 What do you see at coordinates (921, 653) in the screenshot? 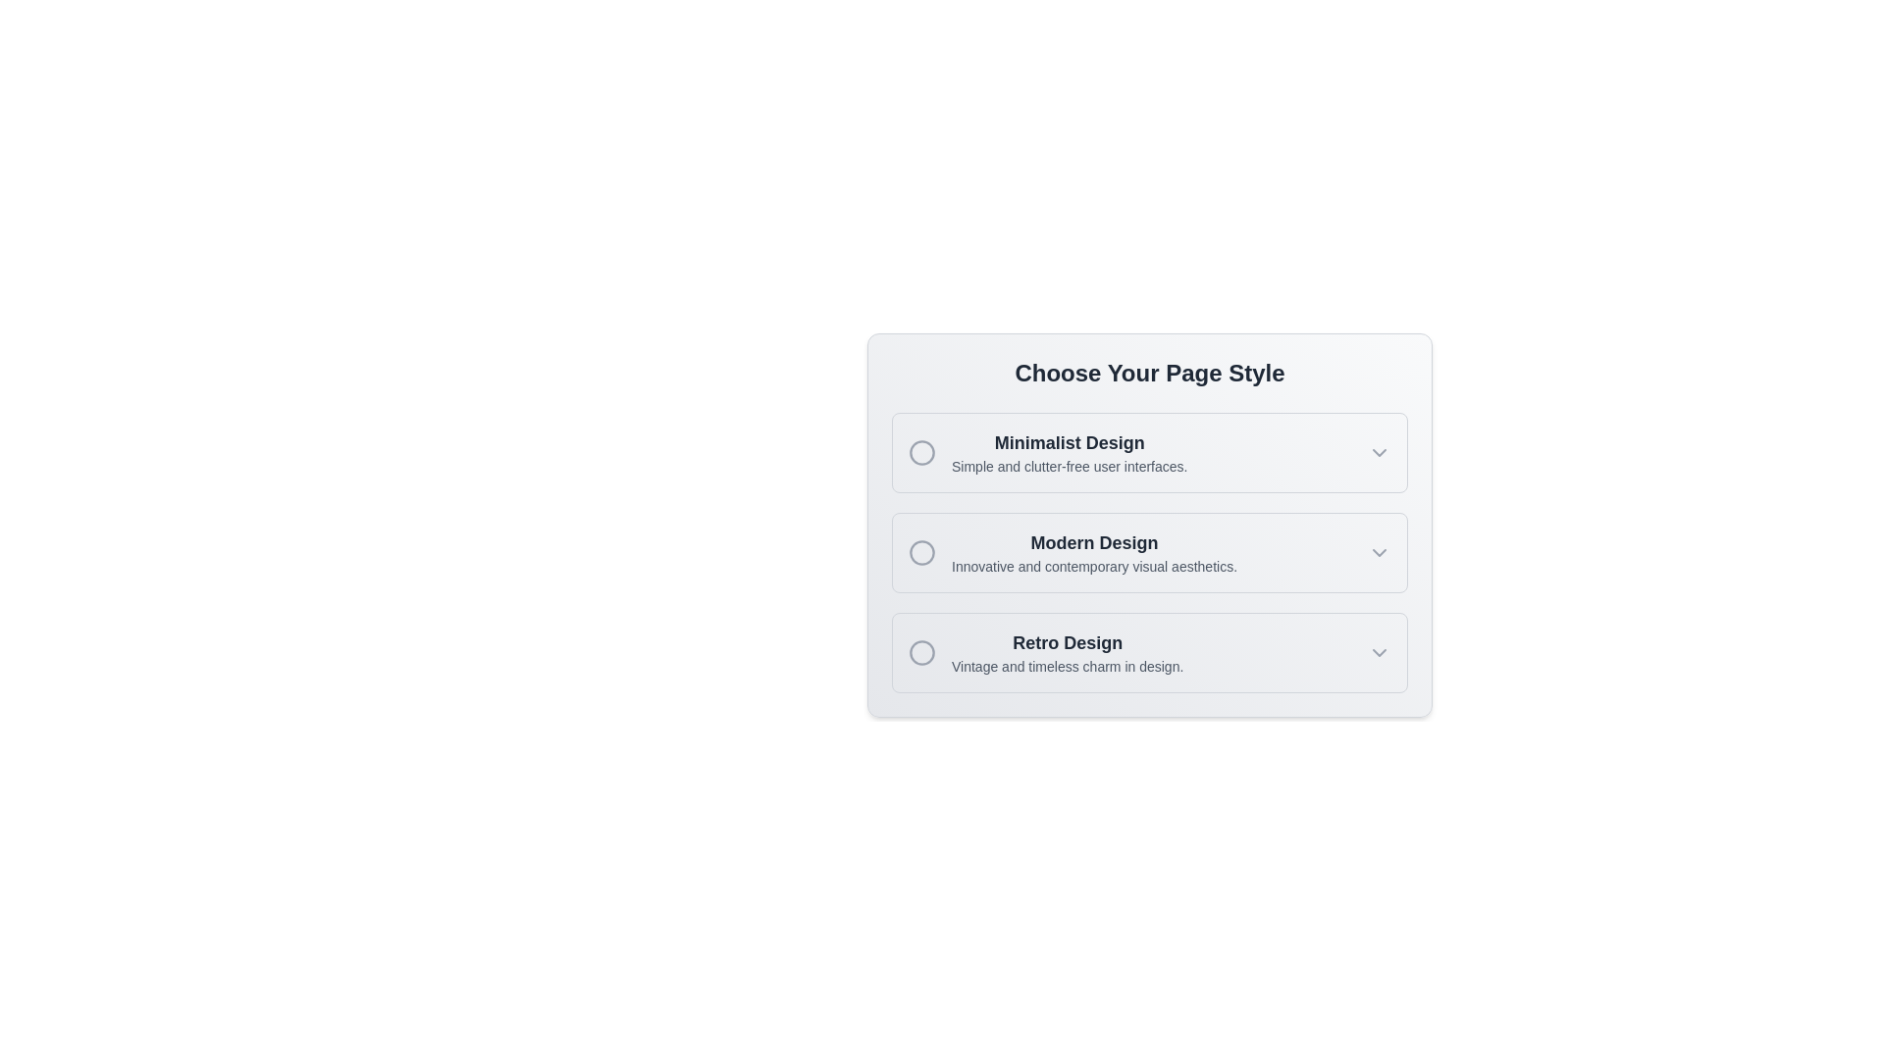
I see `the circular radio button styled with a thin border and filled center, located to the left of the 'Retro Design' text label in the 'Choose Your Page Style' section` at bounding box center [921, 653].